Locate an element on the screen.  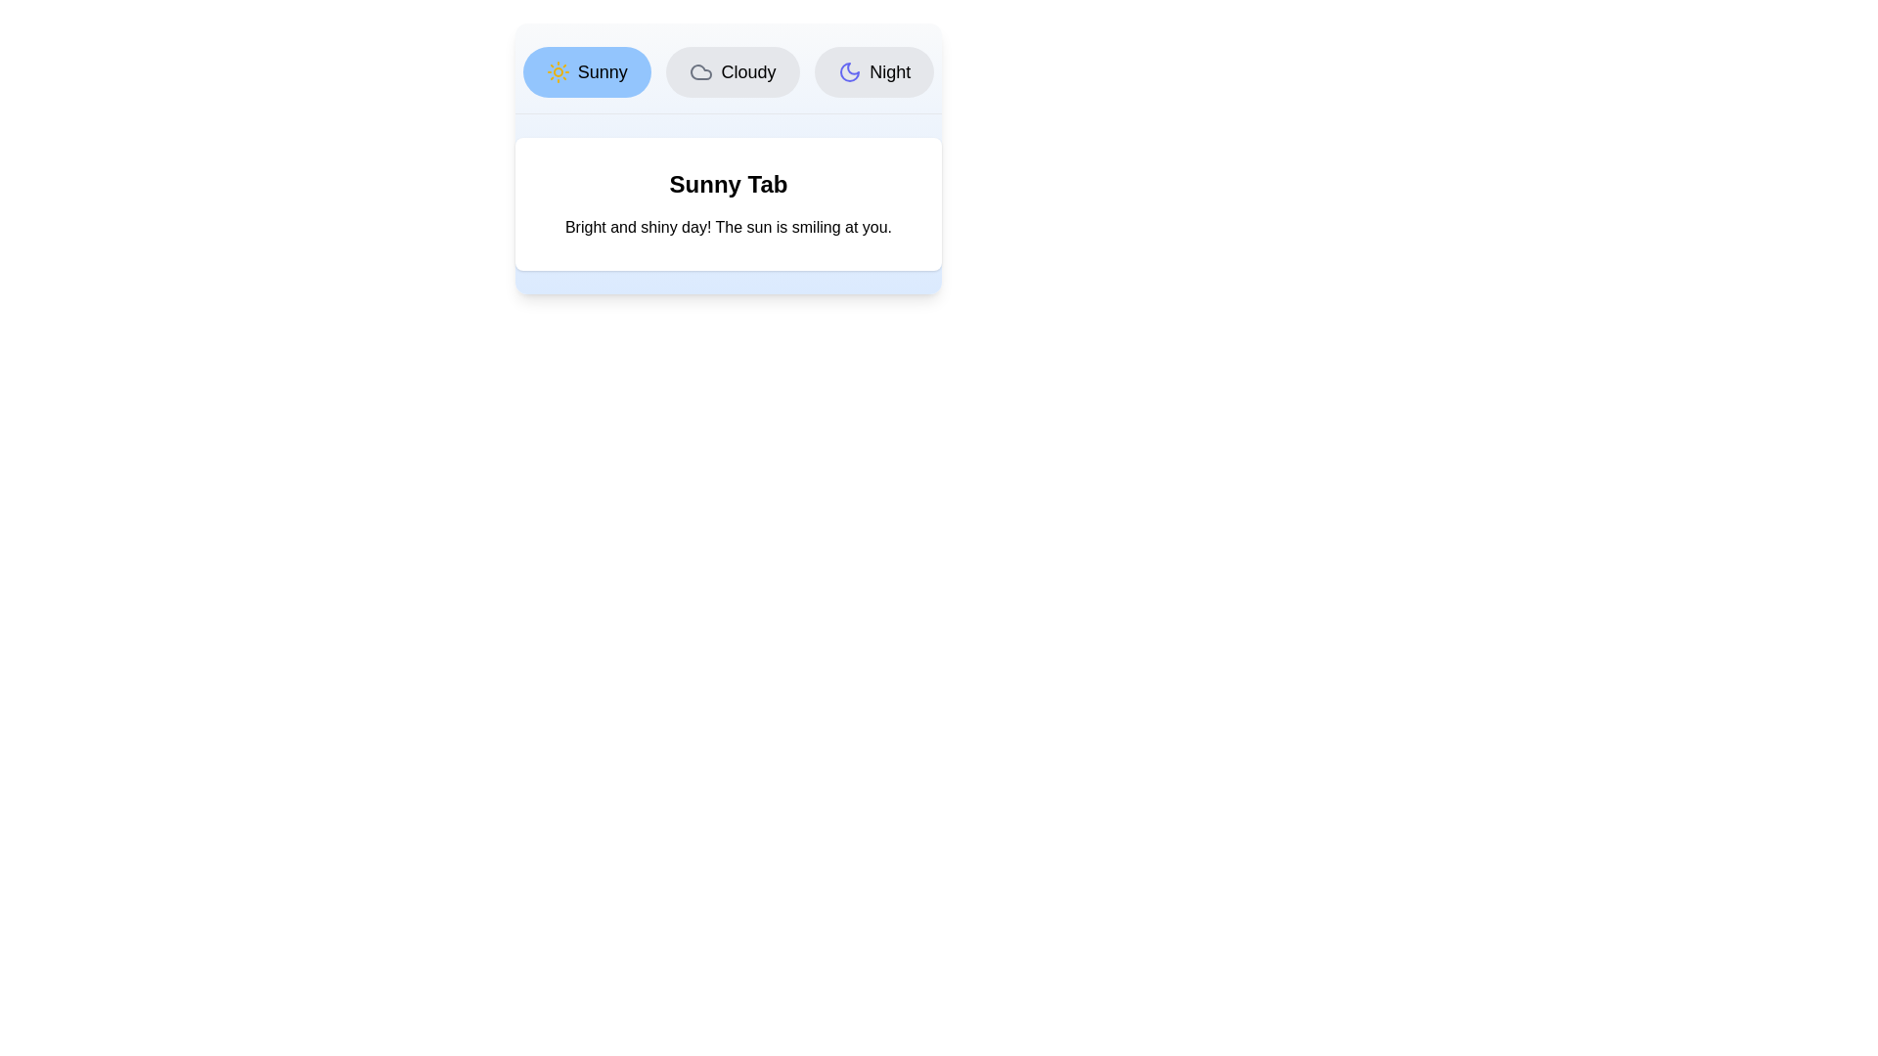
the icon of the Night tab to visually inspect it is located at coordinates (850, 70).